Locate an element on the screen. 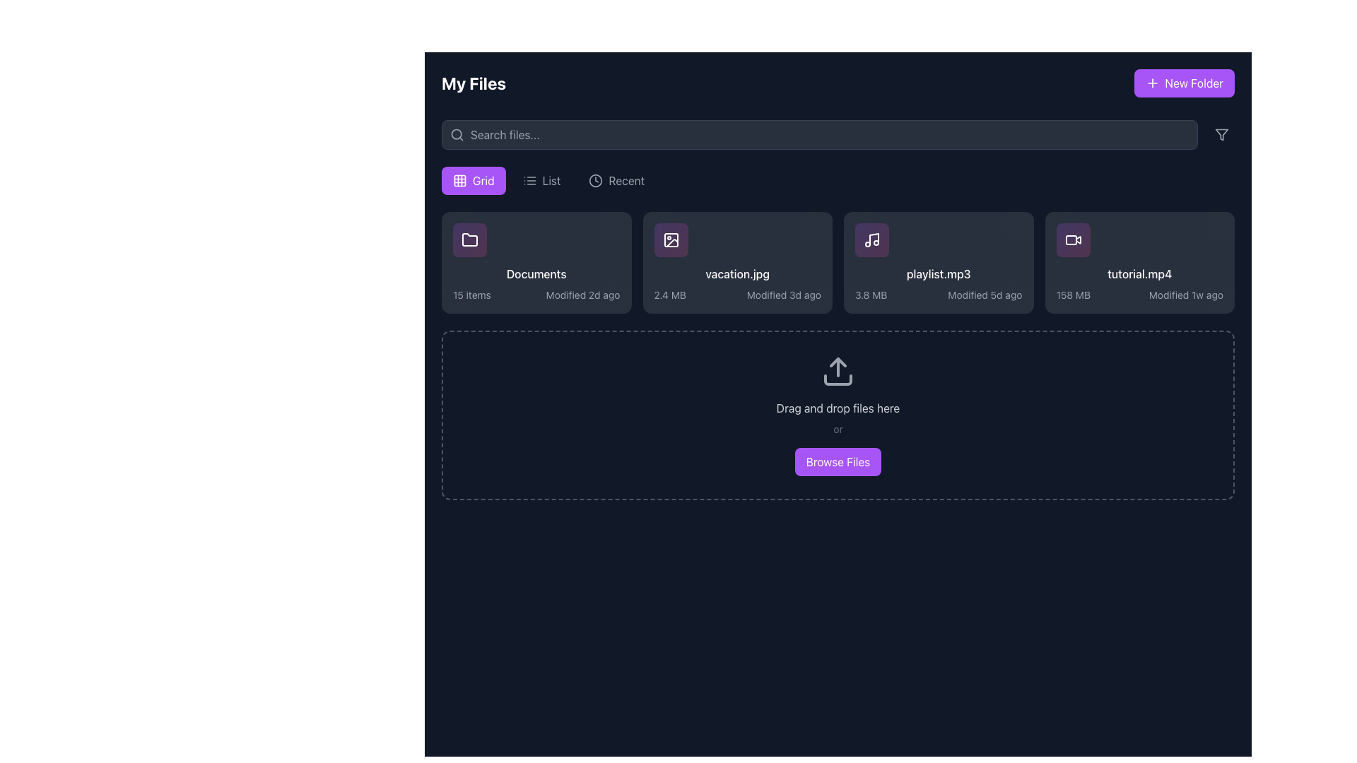  the SVG Icon of the musical note, which is located at the center of the 'playlist.mp3' file card in the 'My Files' section is located at coordinates (871, 239).